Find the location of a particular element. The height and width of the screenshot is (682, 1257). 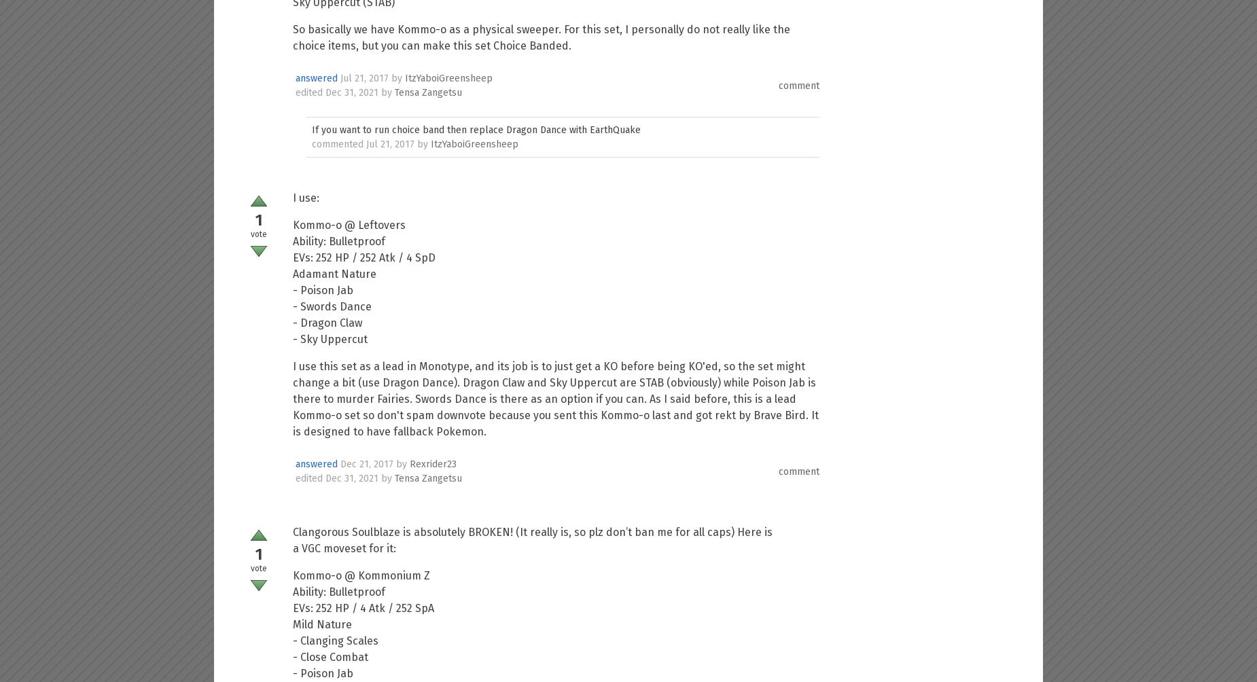

'- Swords Dance' is located at coordinates (332, 306).